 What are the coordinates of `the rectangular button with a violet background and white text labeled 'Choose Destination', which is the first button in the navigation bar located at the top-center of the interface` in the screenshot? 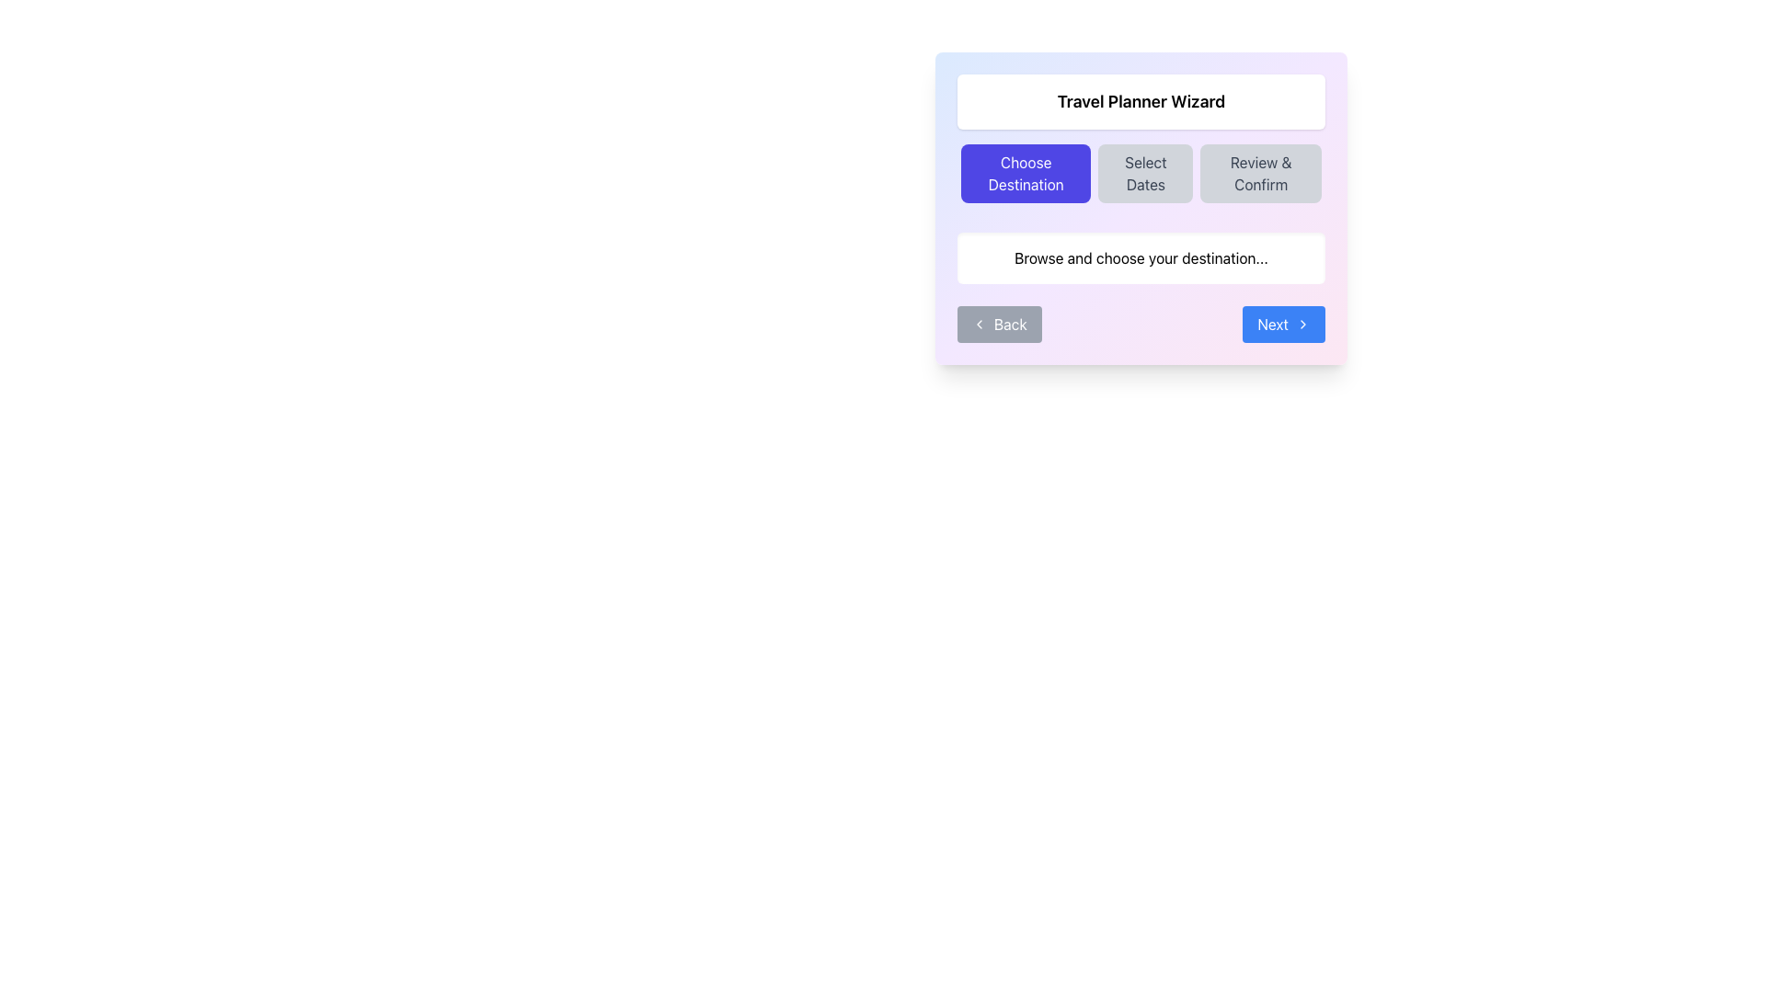 It's located at (1025, 174).